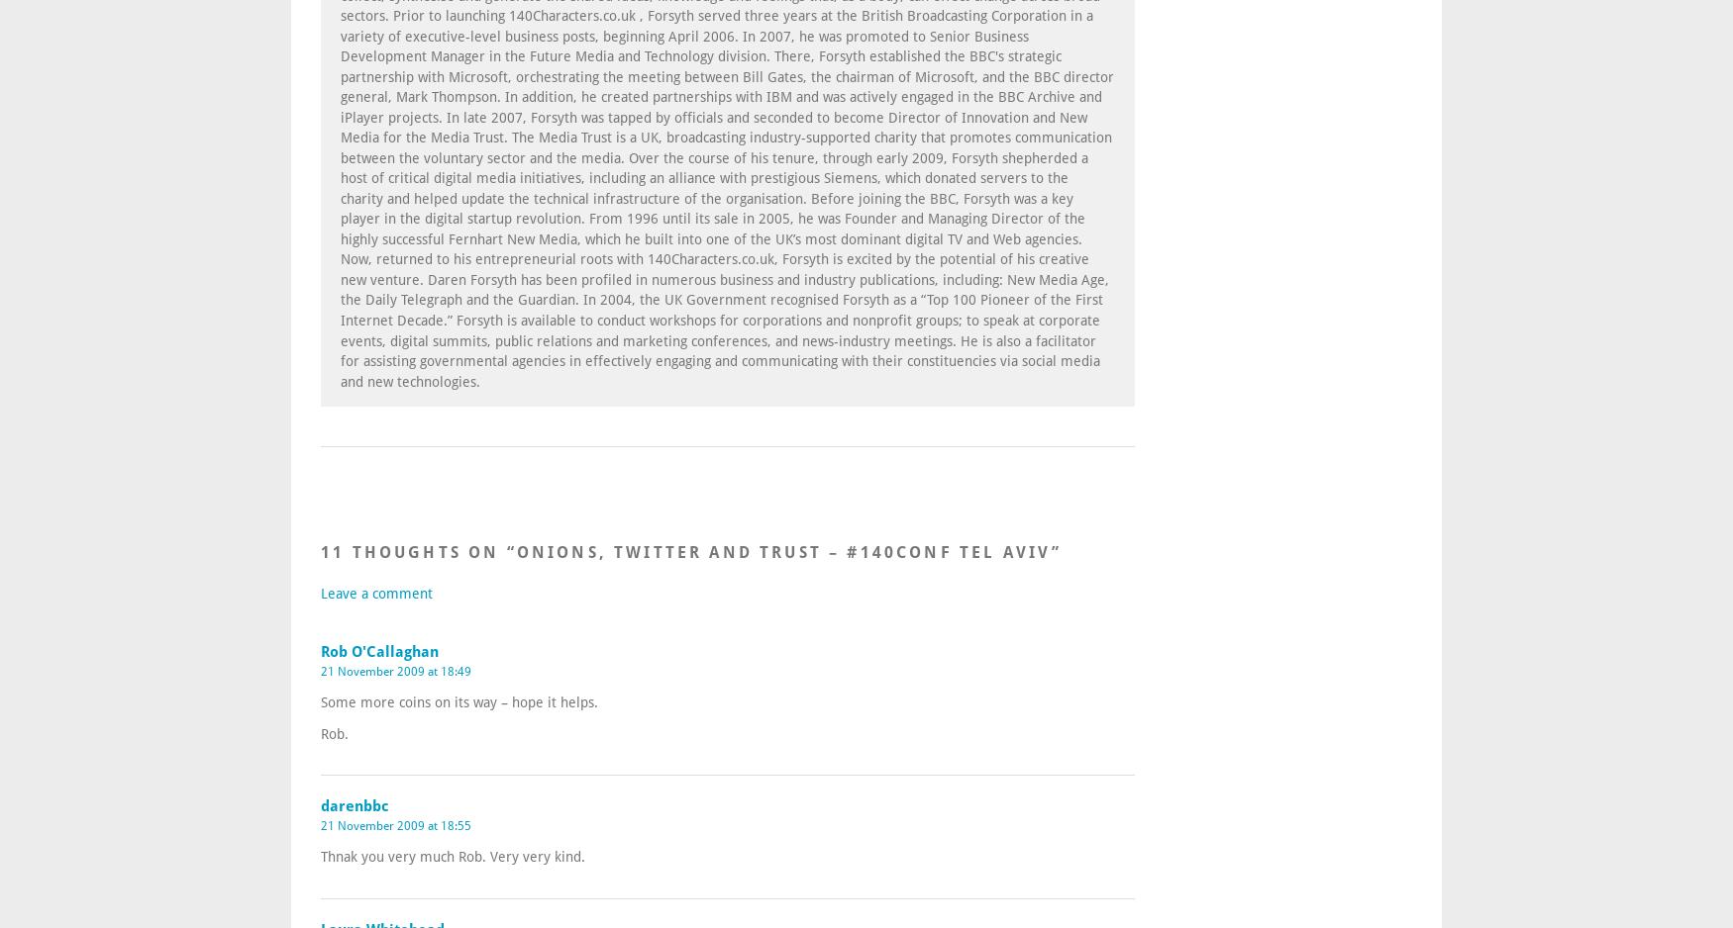 The height and width of the screenshot is (928, 1733). I want to click on '21 November 2009 at 18:49', so click(395, 670).